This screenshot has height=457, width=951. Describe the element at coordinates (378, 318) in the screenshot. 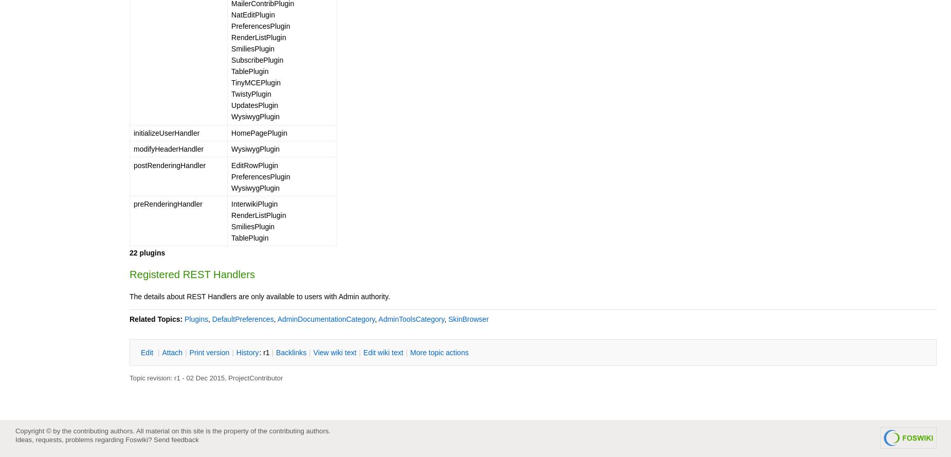

I see `'AdminToolsCategory'` at that location.